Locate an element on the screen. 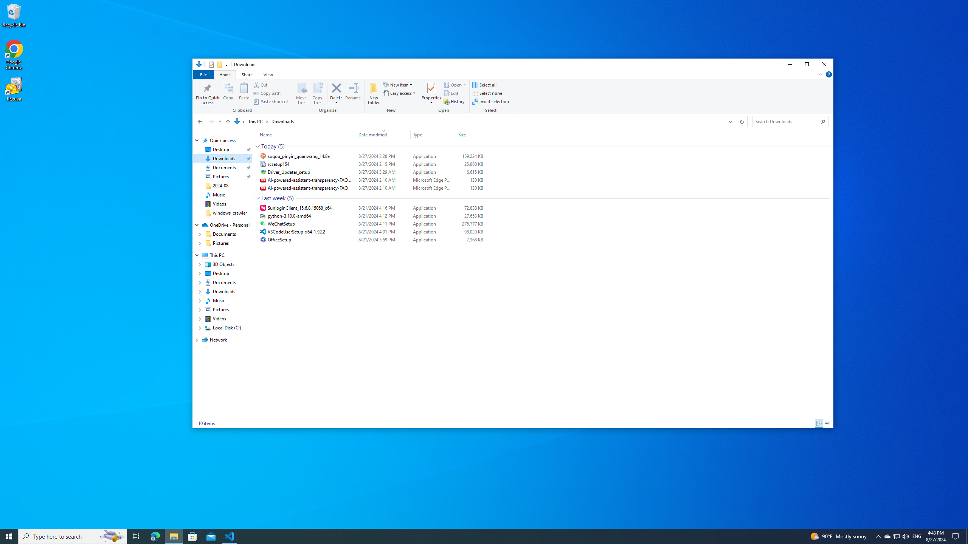 Image resolution: width=968 pixels, height=544 pixels. 'Close' is located at coordinates (824, 64).